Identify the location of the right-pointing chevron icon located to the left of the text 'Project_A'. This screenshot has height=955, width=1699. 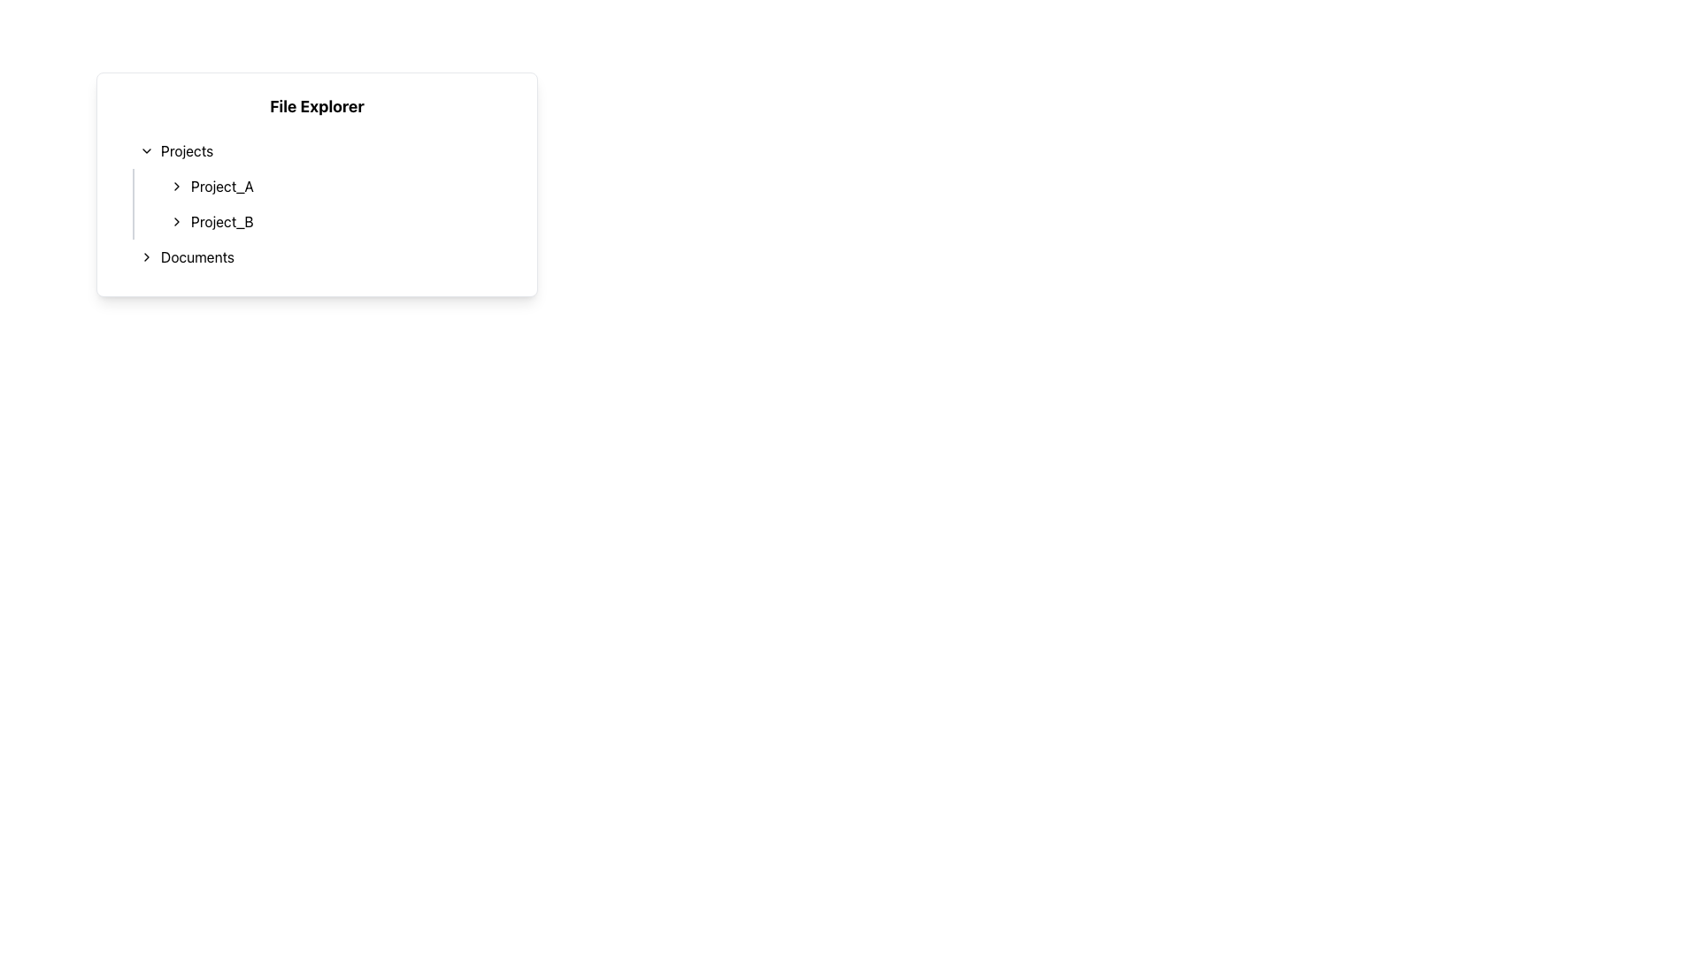
(177, 187).